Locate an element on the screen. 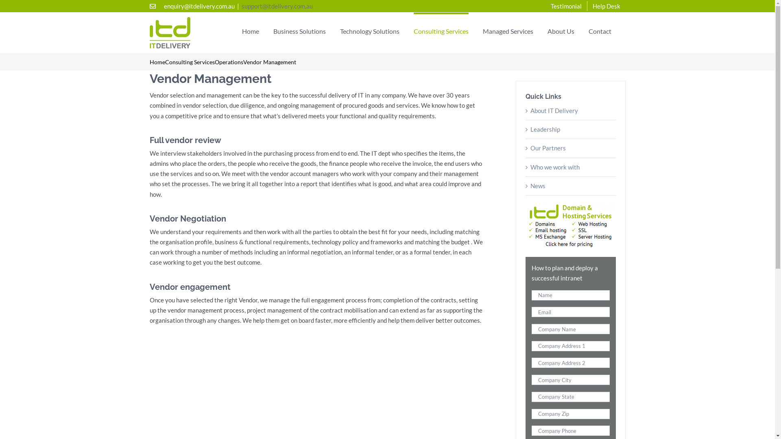 The width and height of the screenshot is (781, 439). 'News' is located at coordinates (538, 185).